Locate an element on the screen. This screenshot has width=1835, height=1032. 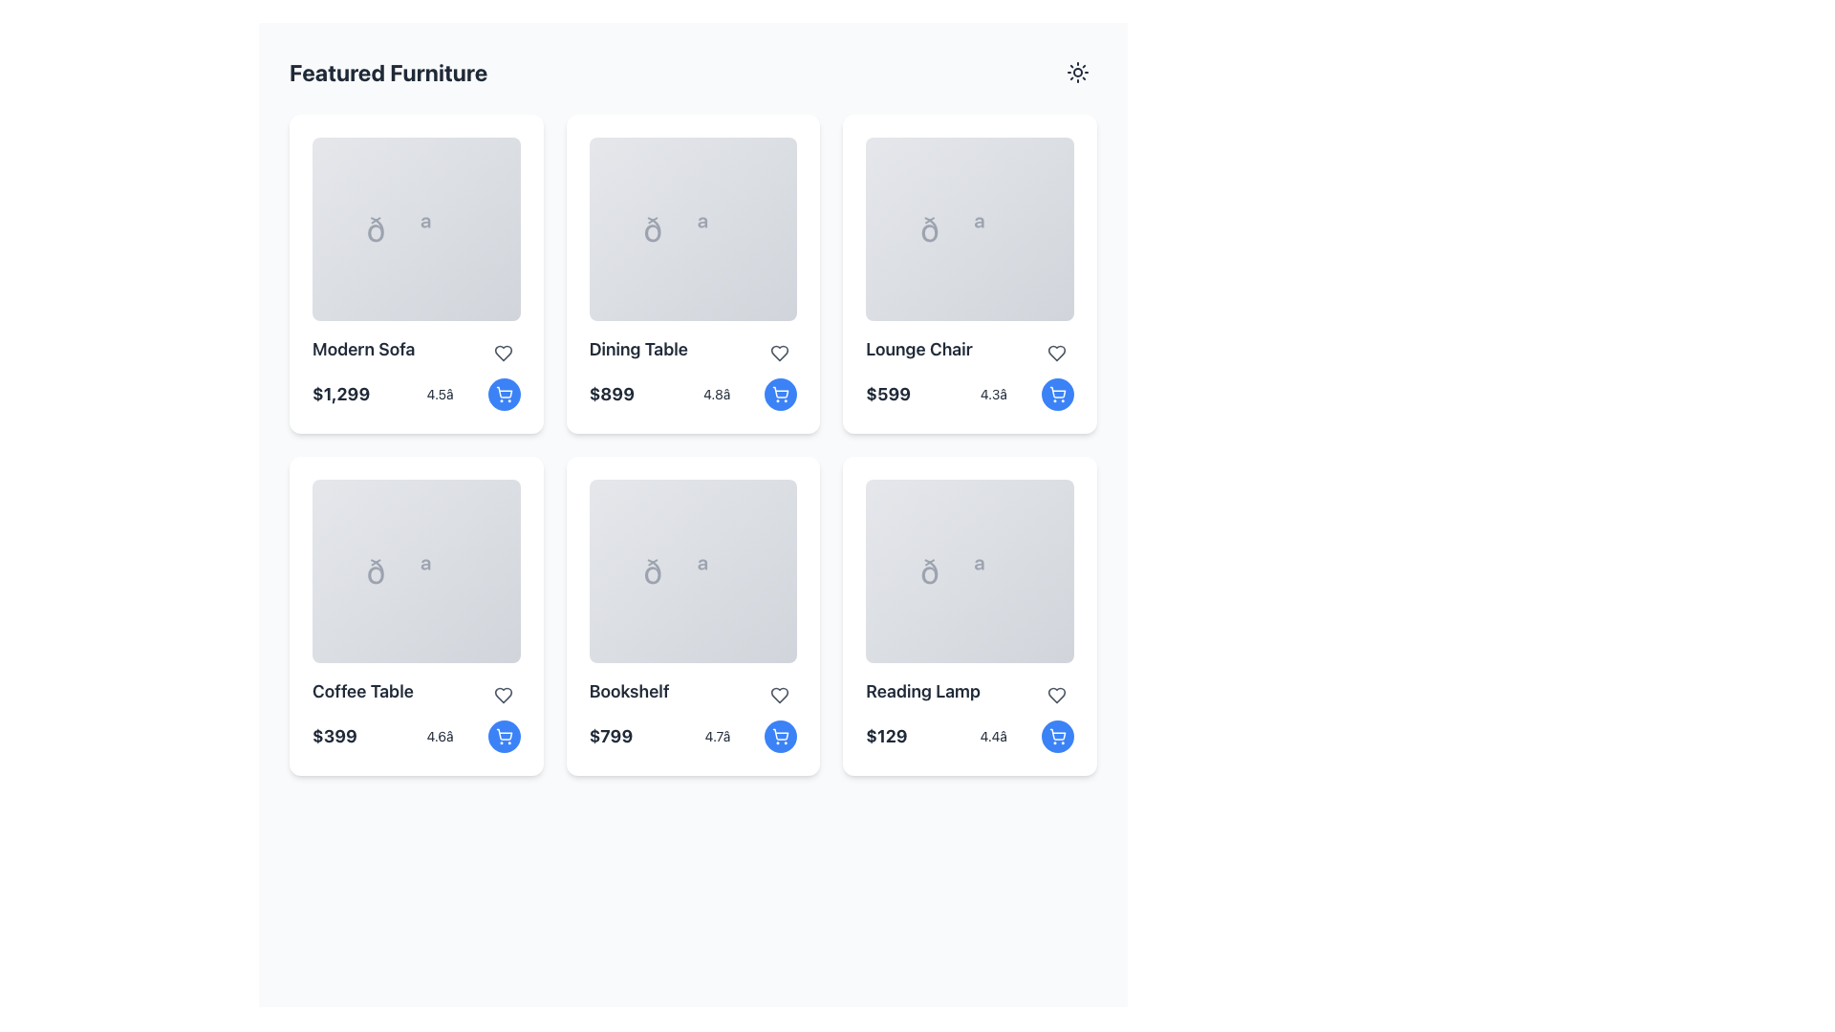
the static text heading that indicates the section contains featured furniture products, which is located in the top-left section of the user interface above the furniture items grid is located at coordinates (387, 72).